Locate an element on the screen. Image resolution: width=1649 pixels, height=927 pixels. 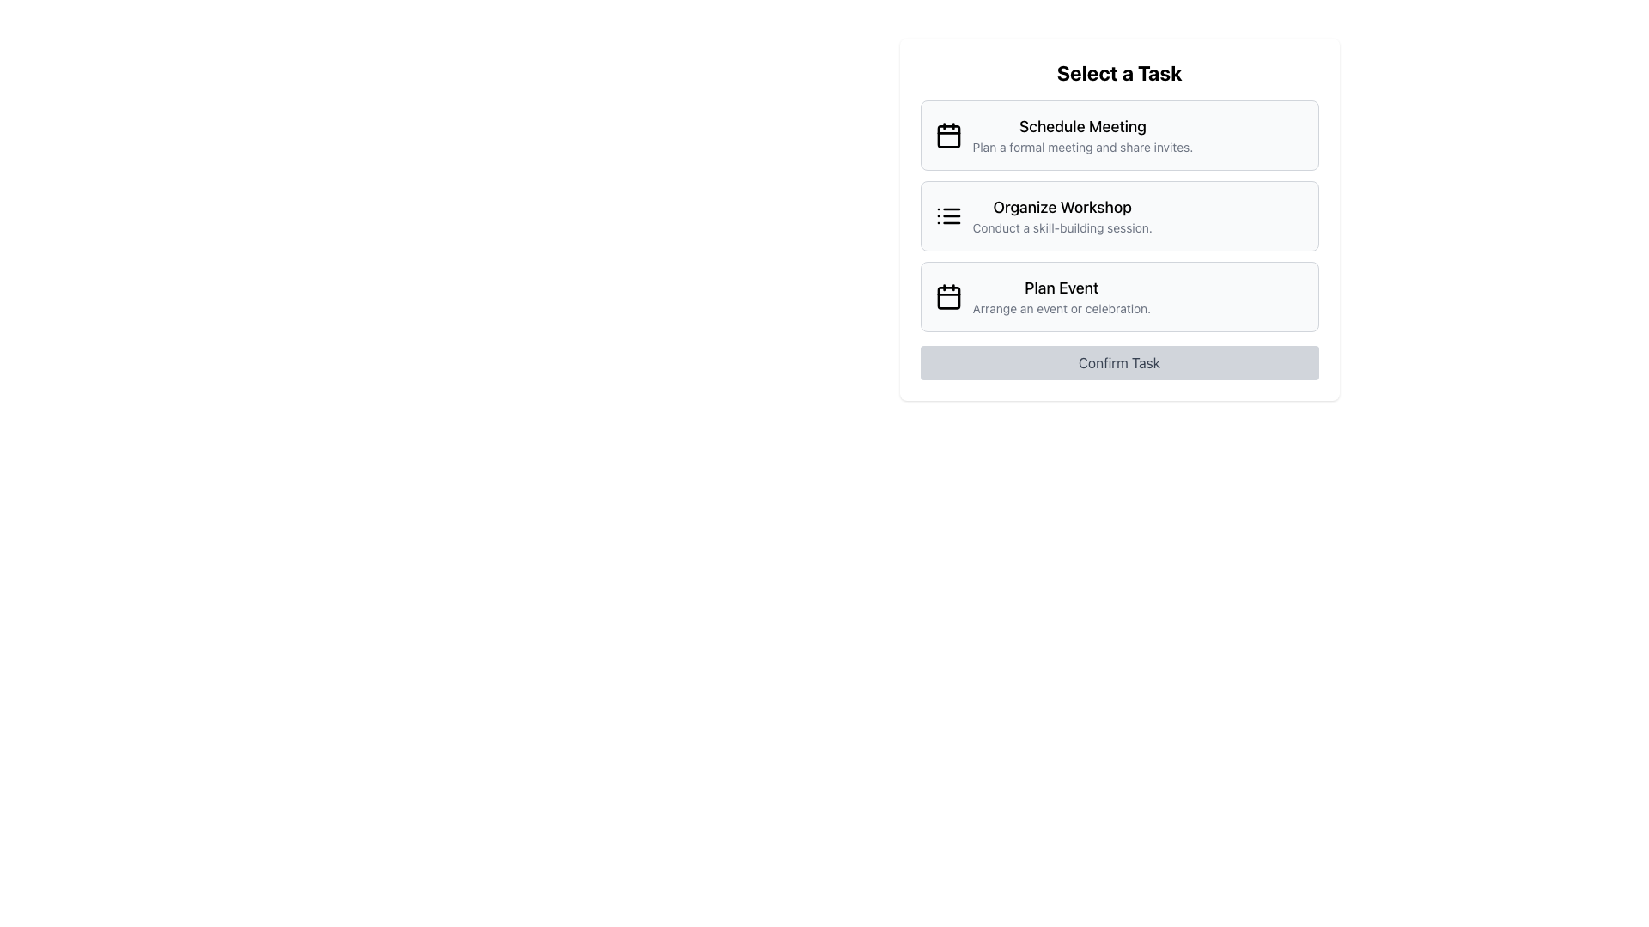
the task selection area within the 'Select a Task' section to choose a task is located at coordinates (1119, 215).